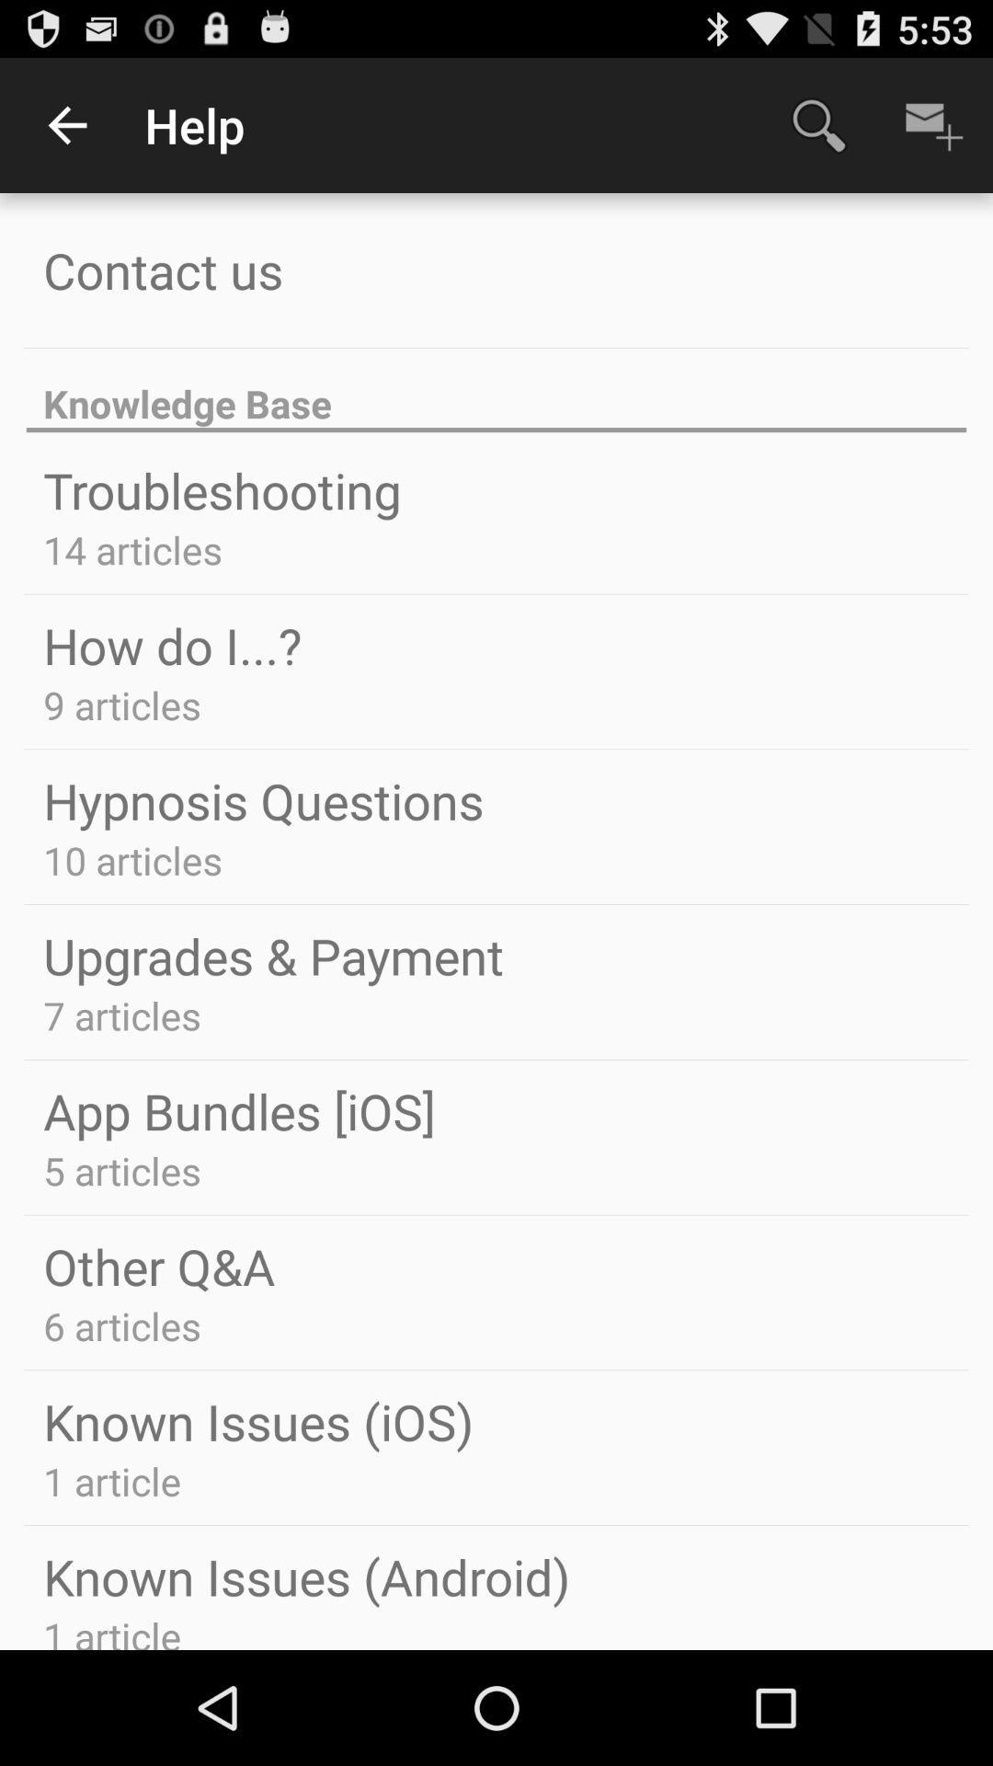 Image resolution: width=993 pixels, height=1766 pixels. I want to click on icon below the upgrades & payment, so click(122, 1015).